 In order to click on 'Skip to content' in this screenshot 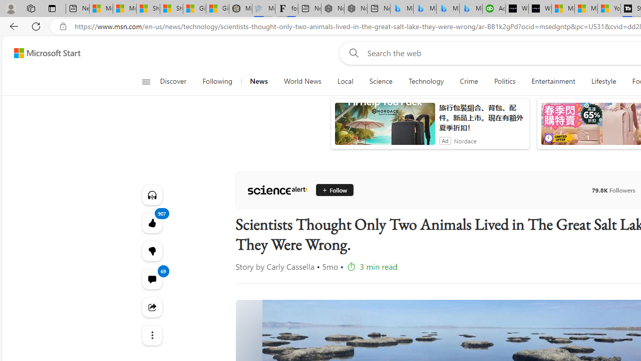, I will do `click(43, 53)`.